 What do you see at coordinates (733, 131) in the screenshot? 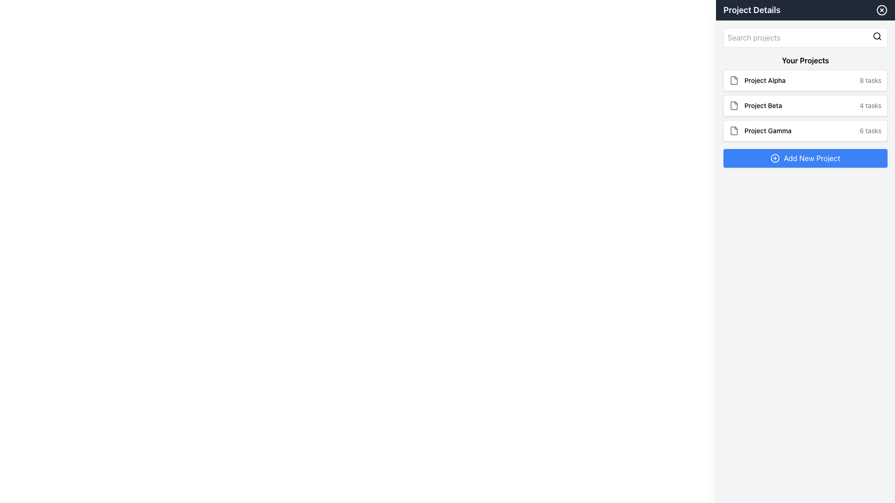
I see `the visual indicator icon representing the 'Project Gamma' list item located in the 'Your Projects' section, adjacent to the text 'Project Gamma' and the task counter showing '6 tasks'` at bounding box center [733, 131].